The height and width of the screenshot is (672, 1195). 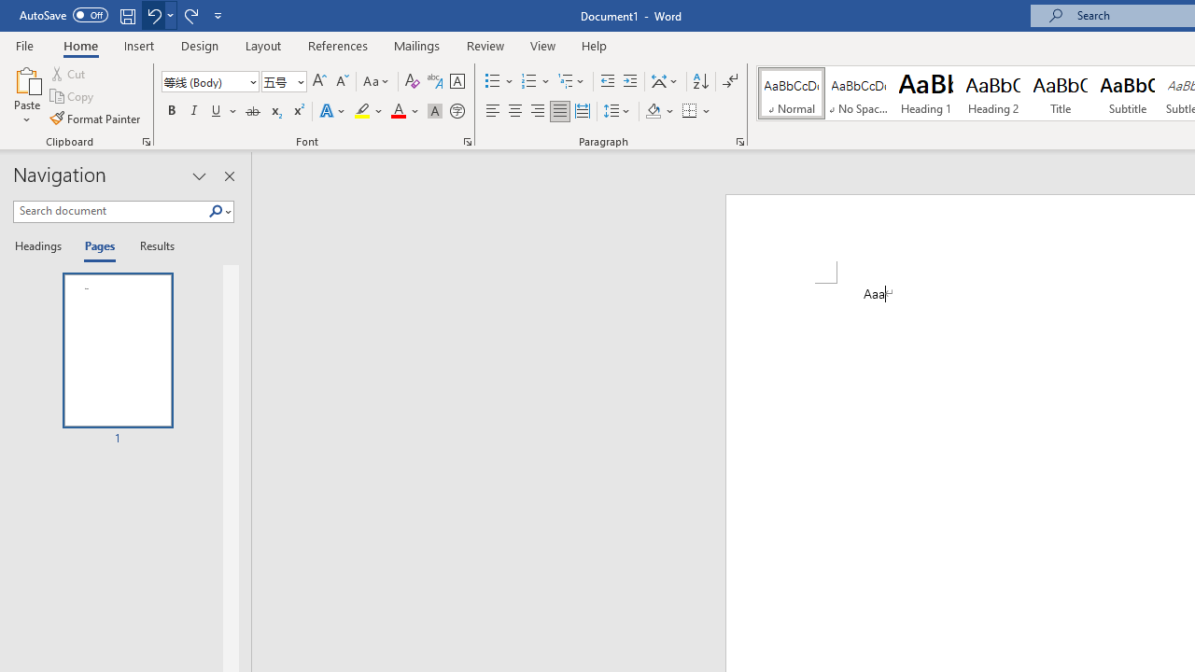 I want to click on 'Text Highlight Color', so click(x=369, y=111).